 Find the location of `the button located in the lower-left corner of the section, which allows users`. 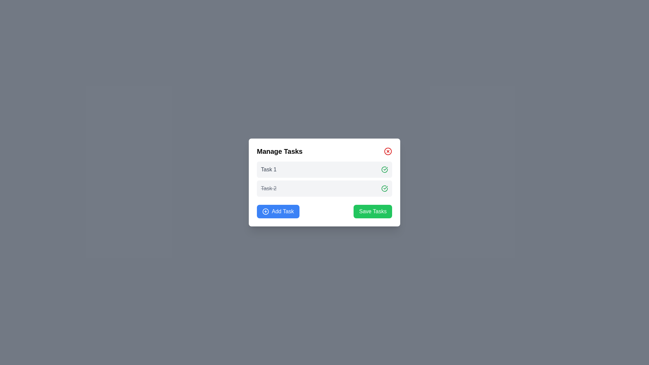

the button located in the lower-left corner of the section, which allows users is located at coordinates (278, 211).